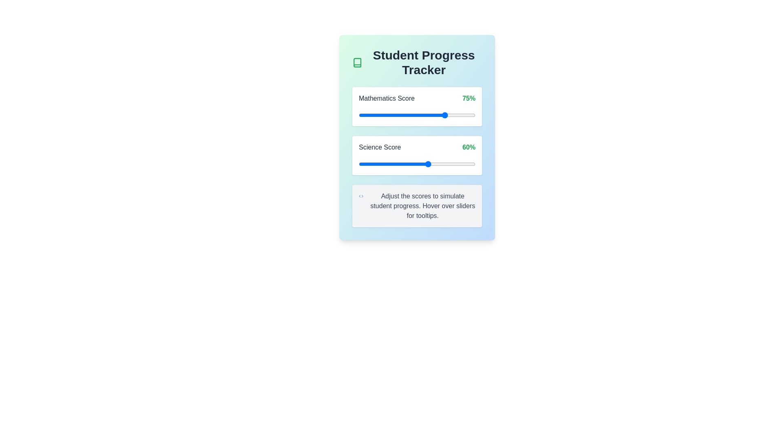 The height and width of the screenshot is (440, 783). I want to click on the Mathematics Score slider to 9%, so click(369, 115).